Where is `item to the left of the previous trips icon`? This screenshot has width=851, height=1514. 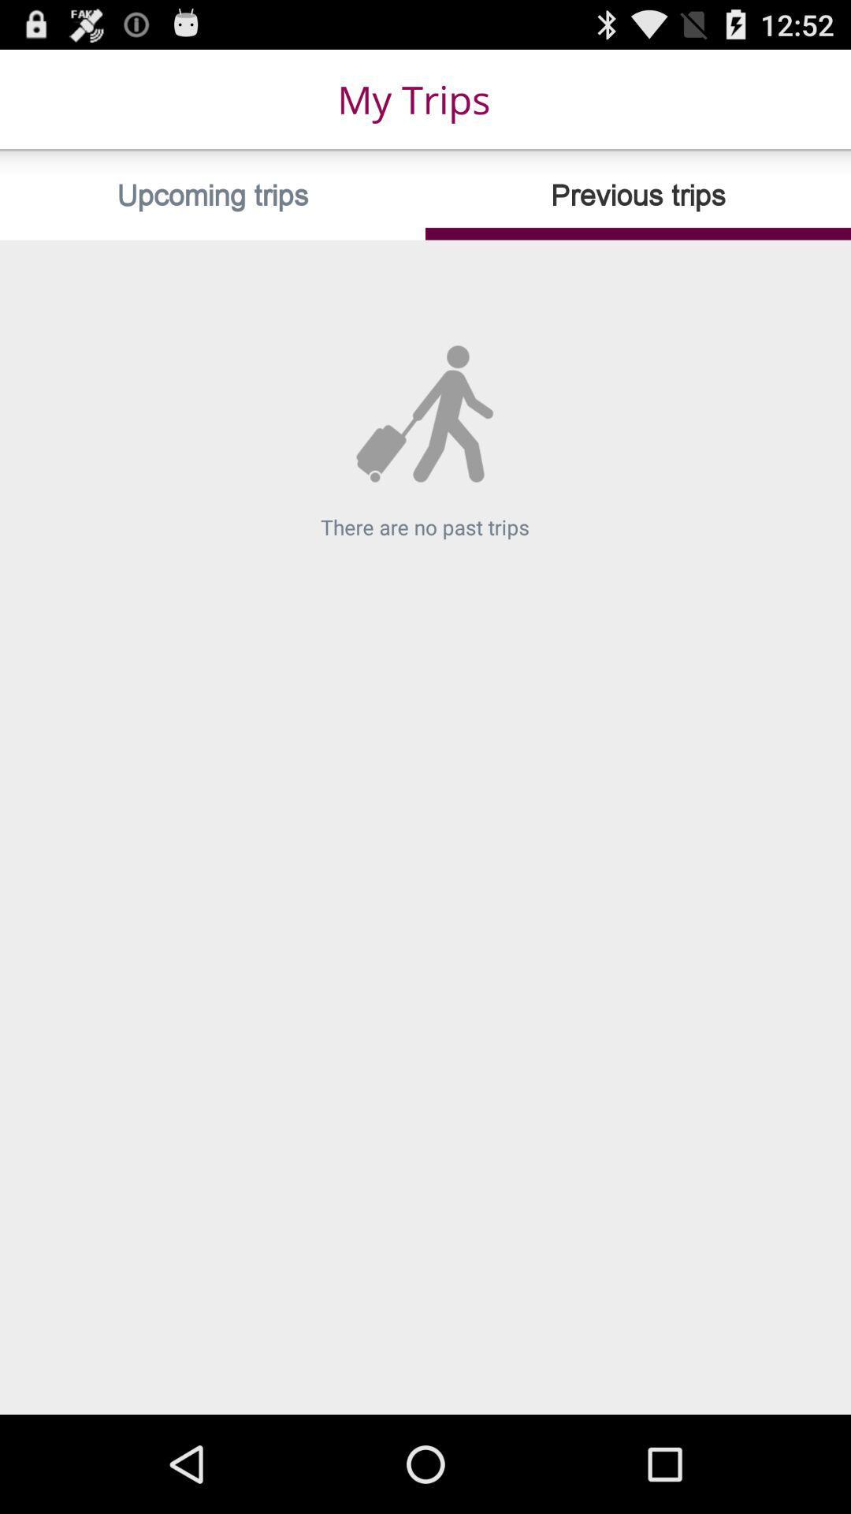
item to the left of the previous trips icon is located at coordinates (213, 195).